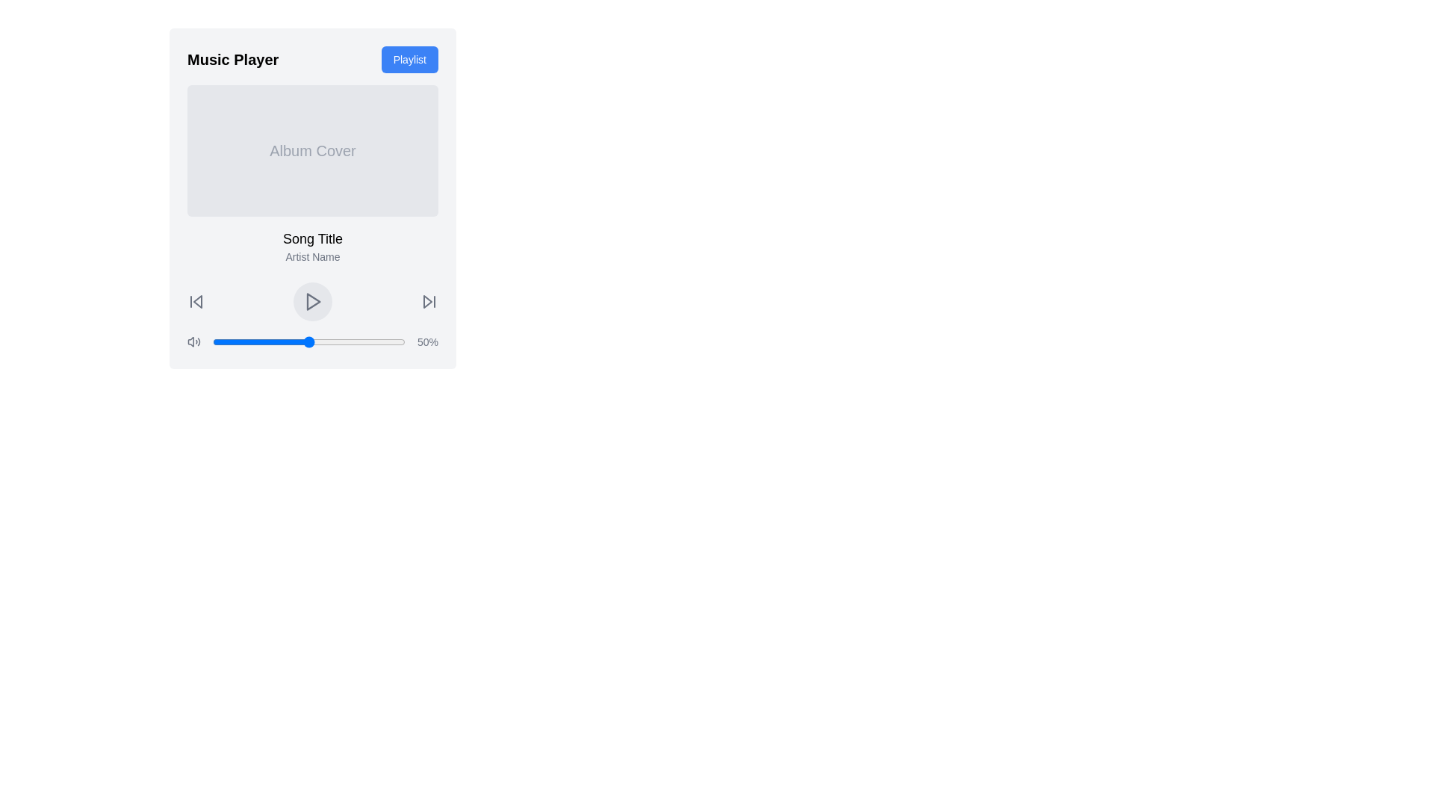  What do you see at coordinates (308, 342) in the screenshot?
I see `the slider control located between the speaker icon and the '50%' label` at bounding box center [308, 342].